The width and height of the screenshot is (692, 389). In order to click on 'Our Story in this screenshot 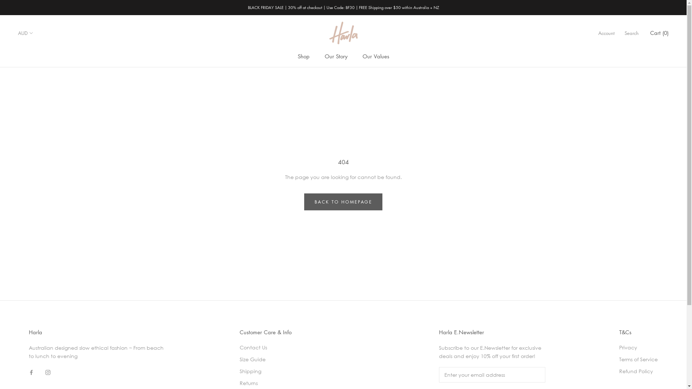, I will do `click(335, 55)`.